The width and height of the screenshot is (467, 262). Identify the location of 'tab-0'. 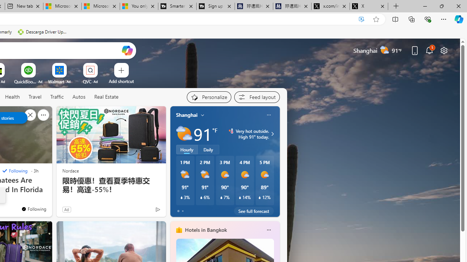
(178, 211).